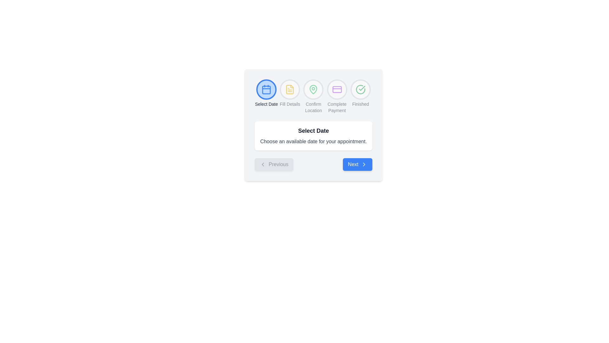 This screenshot has height=343, width=609. Describe the element at coordinates (313, 97) in the screenshot. I see `the Progress Step Indicator, which features a green map pin icon and a 'Confirm Location' label in gray text, located between 'Fill Details' and 'Complete Payment' steps` at that location.